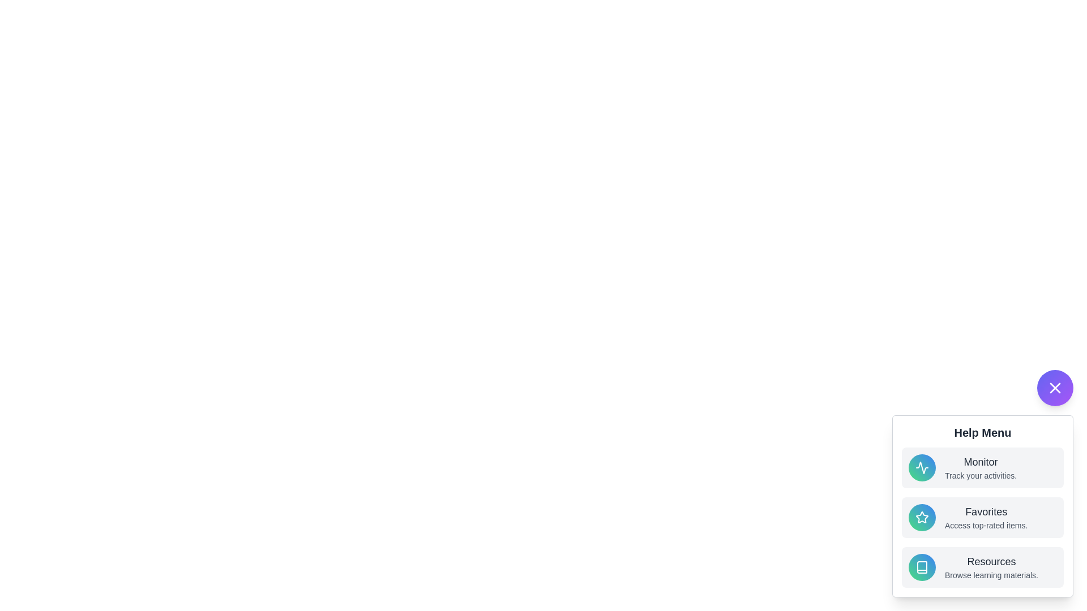 Image resolution: width=1087 pixels, height=611 pixels. I want to click on the help option Favorites by clicking on it, so click(982, 517).